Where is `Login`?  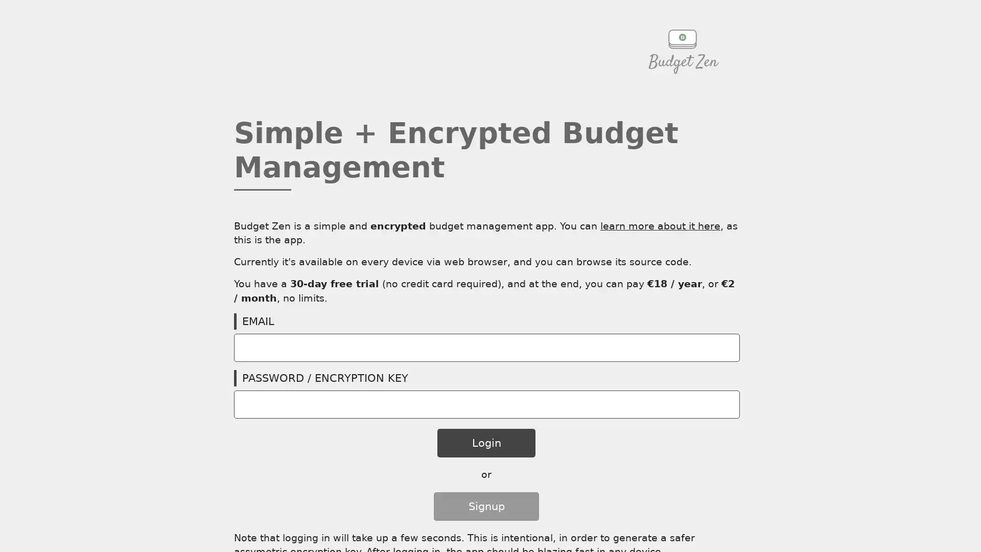 Login is located at coordinates (485, 443).